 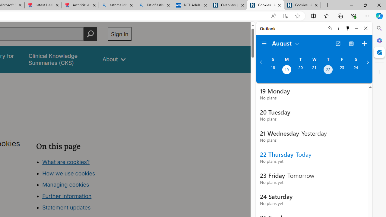 What do you see at coordinates (66, 207) in the screenshot?
I see `'Statement updates'` at bounding box center [66, 207].